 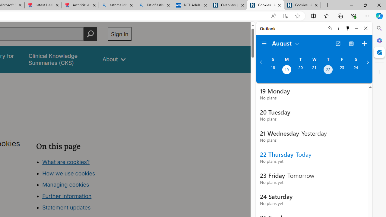 What do you see at coordinates (66, 207) in the screenshot?
I see `'Statement updates'` at bounding box center [66, 207].